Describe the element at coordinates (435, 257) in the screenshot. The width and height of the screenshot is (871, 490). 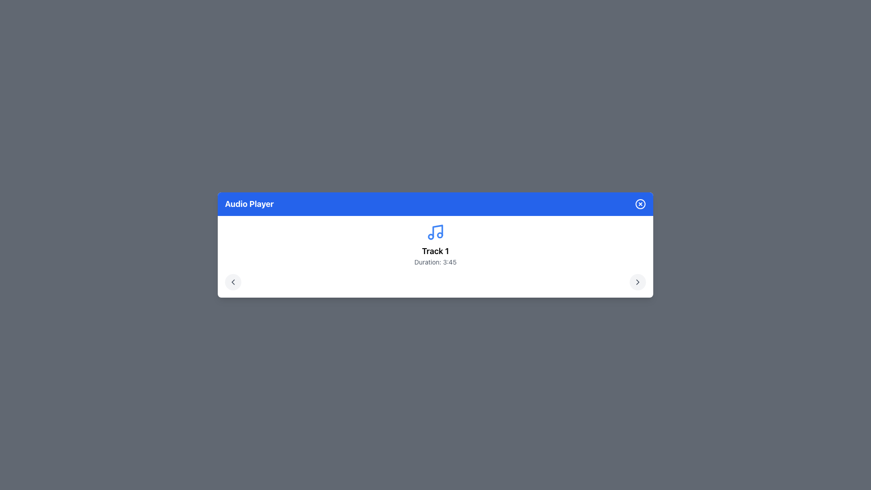
I see `the Information Display Panel that shows 'Track 1' and 'Duration: 3:45' in the audio player interface` at that location.